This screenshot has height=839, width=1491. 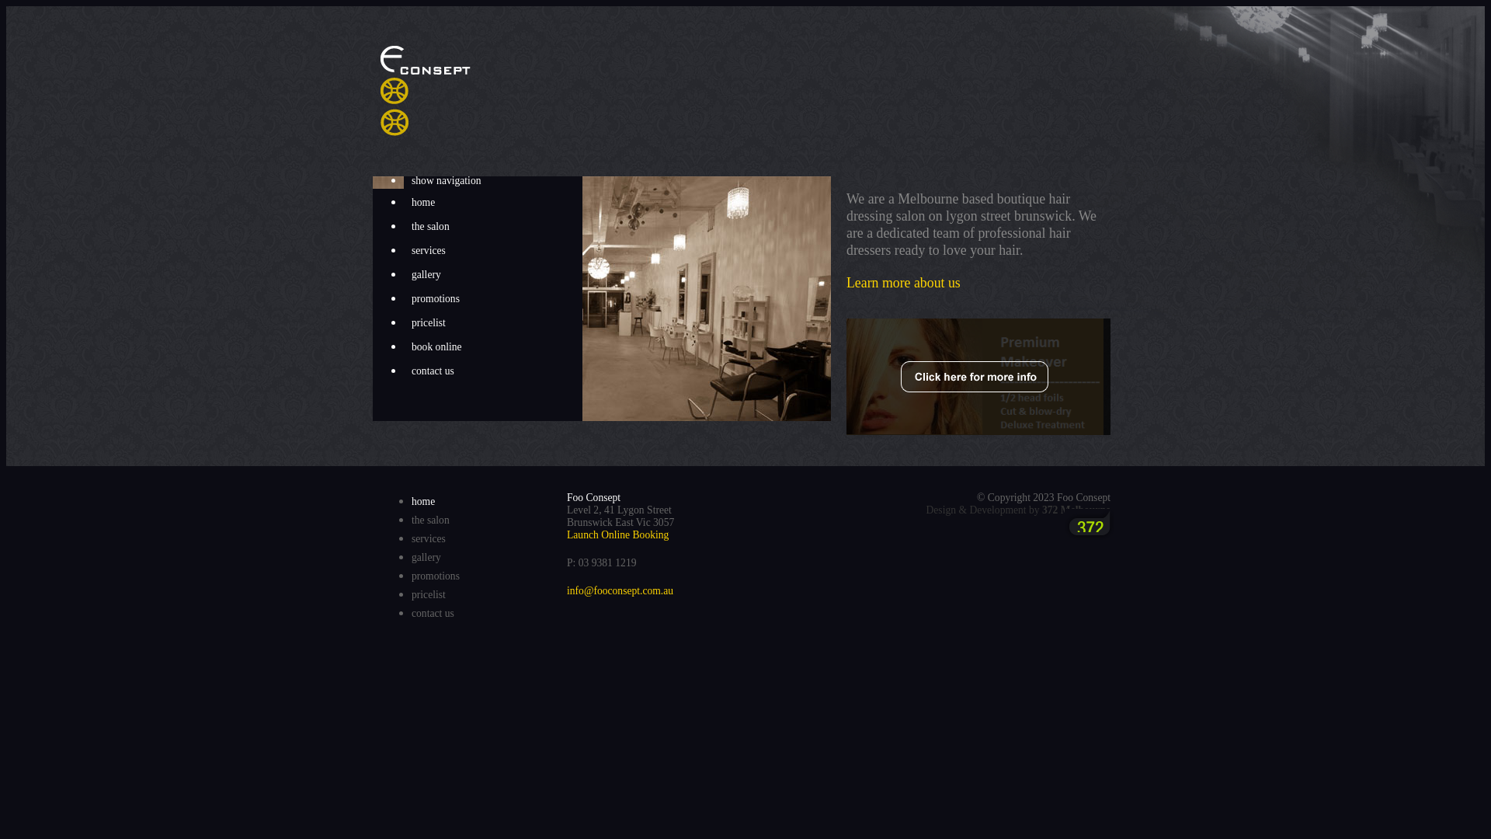 What do you see at coordinates (403, 202) in the screenshot?
I see `'home'` at bounding box center [403, 202].